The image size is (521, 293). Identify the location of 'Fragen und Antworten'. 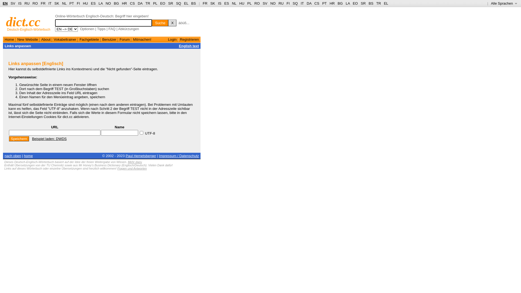
(117, 168).